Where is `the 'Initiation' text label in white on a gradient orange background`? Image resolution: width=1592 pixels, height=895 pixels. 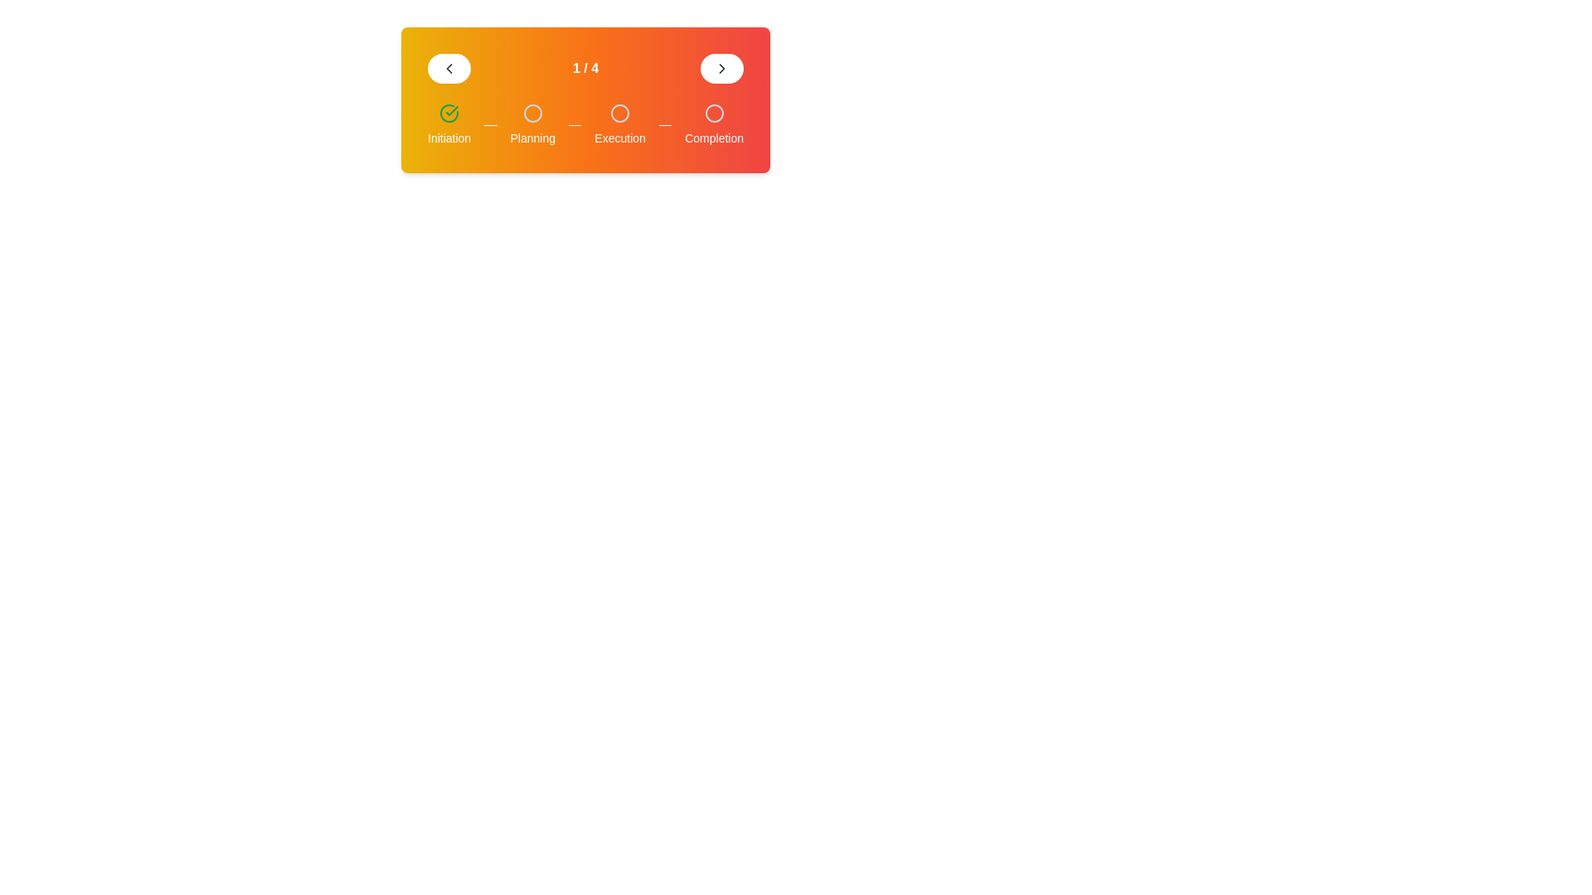 the 'Initiation' text label in white on a gradient orange background is located at coordinates (449, 137).